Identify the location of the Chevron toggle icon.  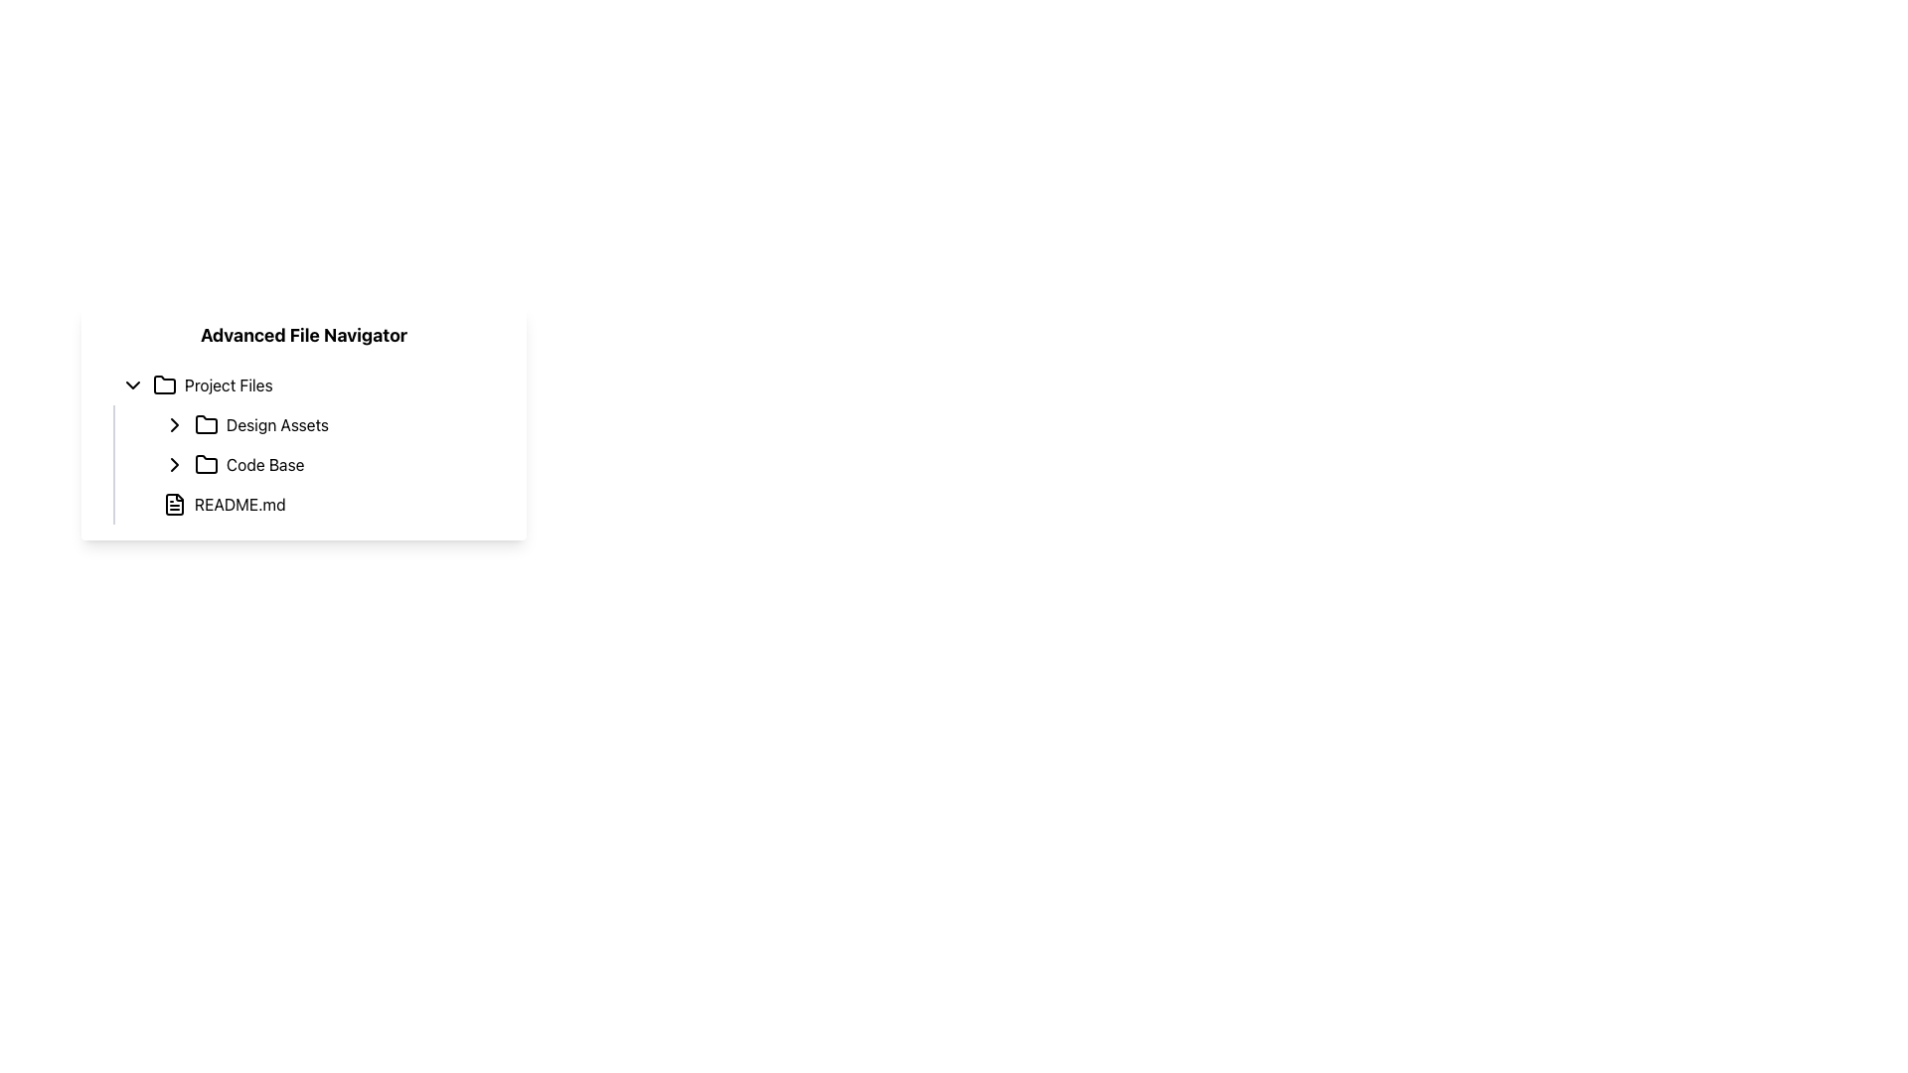
(132, 385).